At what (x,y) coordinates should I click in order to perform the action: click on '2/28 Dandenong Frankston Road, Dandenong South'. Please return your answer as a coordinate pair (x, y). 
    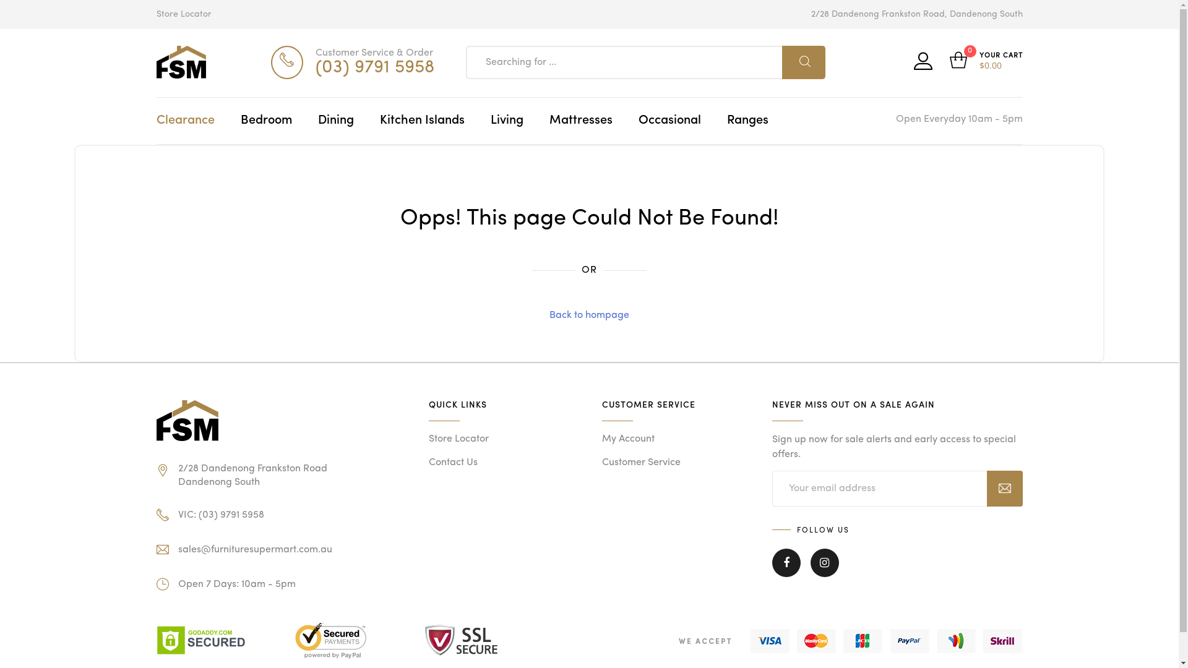
    Looking at the image, I should click on (916, 14).